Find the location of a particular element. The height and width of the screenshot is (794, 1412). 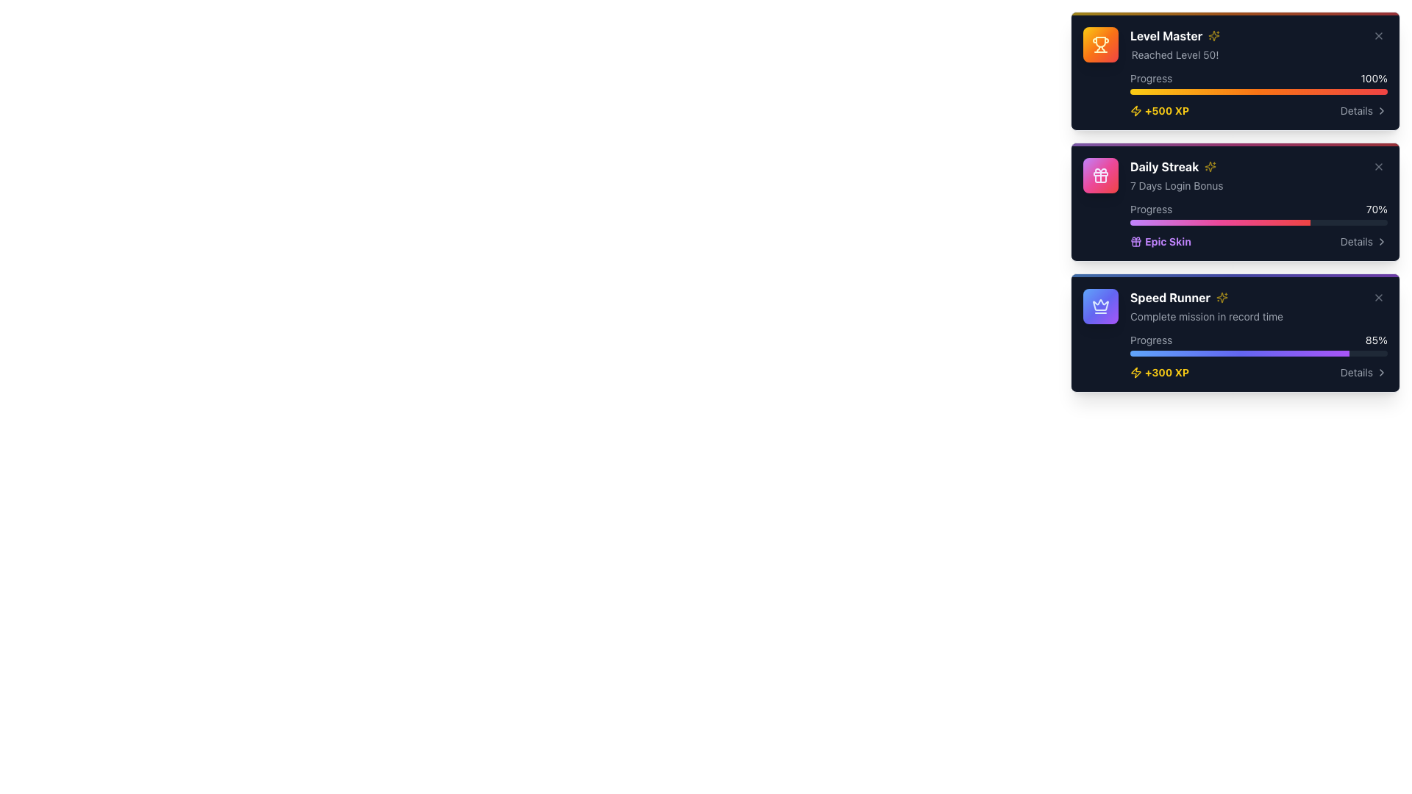

the second progress bar in the 'Daily Streak' card, which visually represents a completion progress of 70% is located at coordinates (1258, 223).